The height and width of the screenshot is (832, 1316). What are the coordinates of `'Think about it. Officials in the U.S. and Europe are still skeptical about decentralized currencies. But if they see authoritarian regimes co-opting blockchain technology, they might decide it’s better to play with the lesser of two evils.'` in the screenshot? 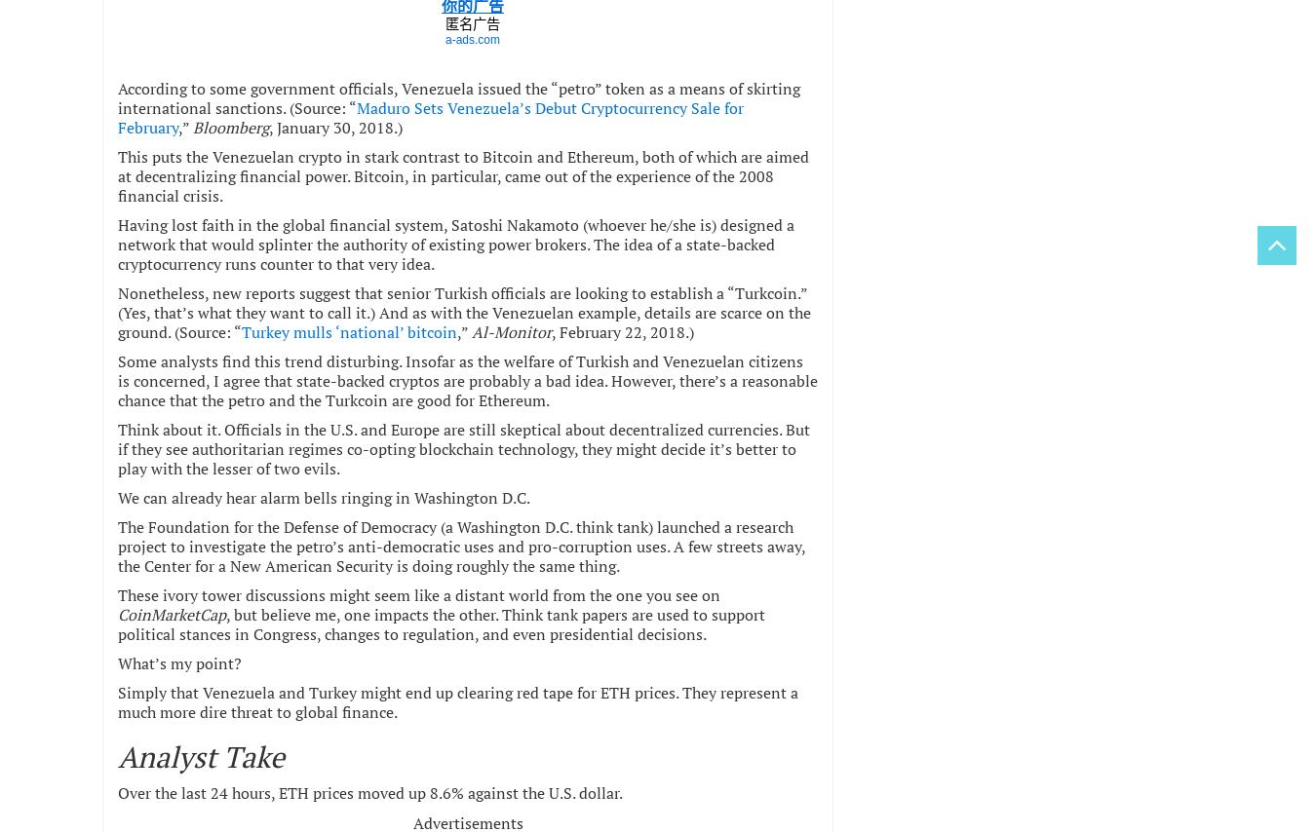 It's located at (117, 447).